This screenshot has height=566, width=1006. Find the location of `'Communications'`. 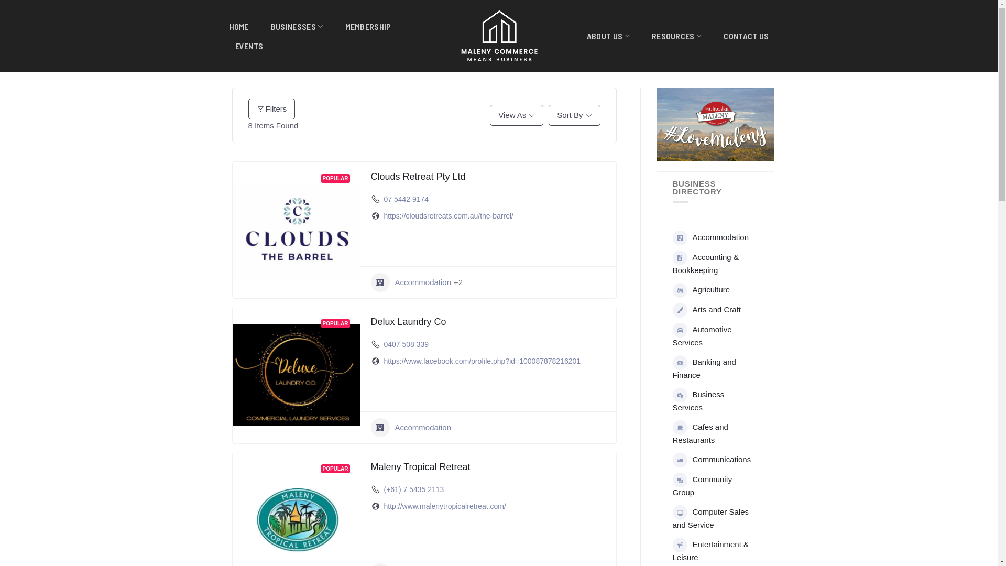

'Communications' is located at coordinates (712, 458).